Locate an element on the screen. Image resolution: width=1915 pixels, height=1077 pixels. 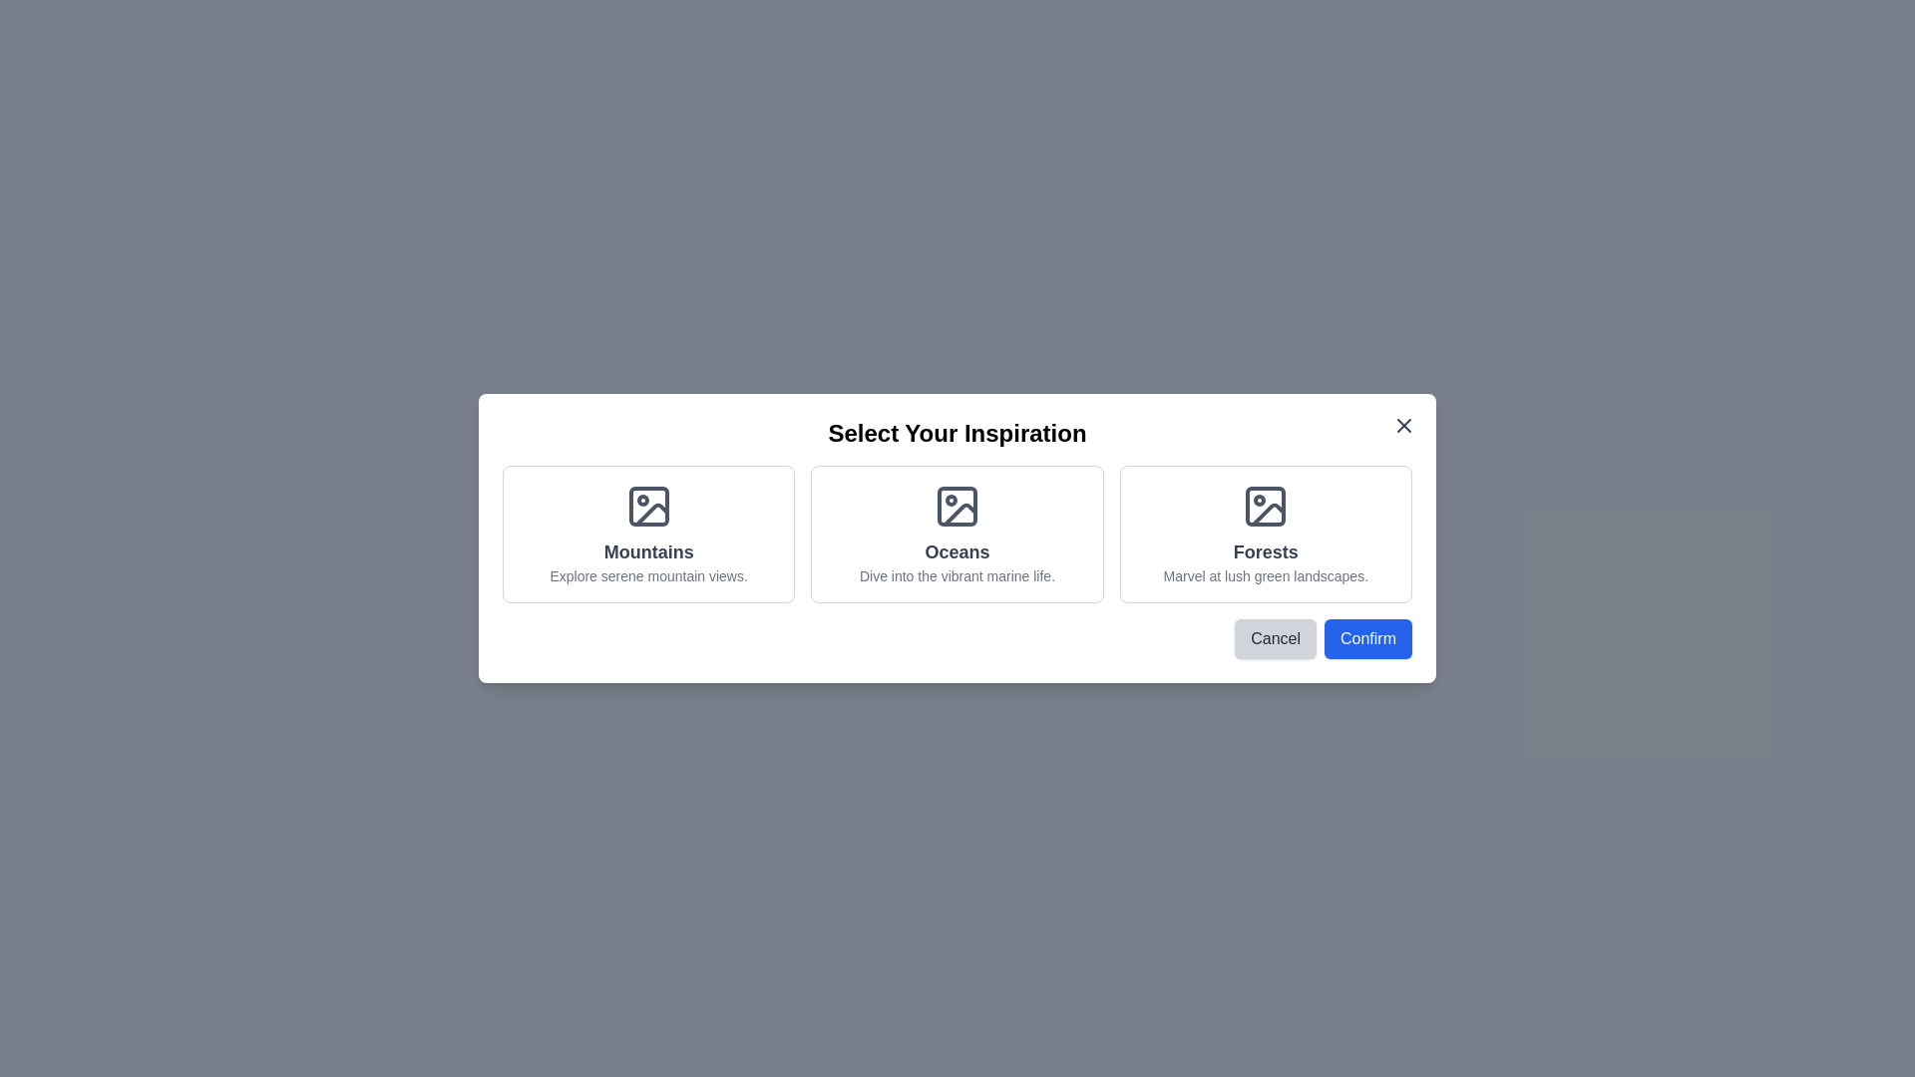
the icon depicting an image symbol, which is centered within the 'Oceans' card in the dialog box is located at coordinates (957, 506).